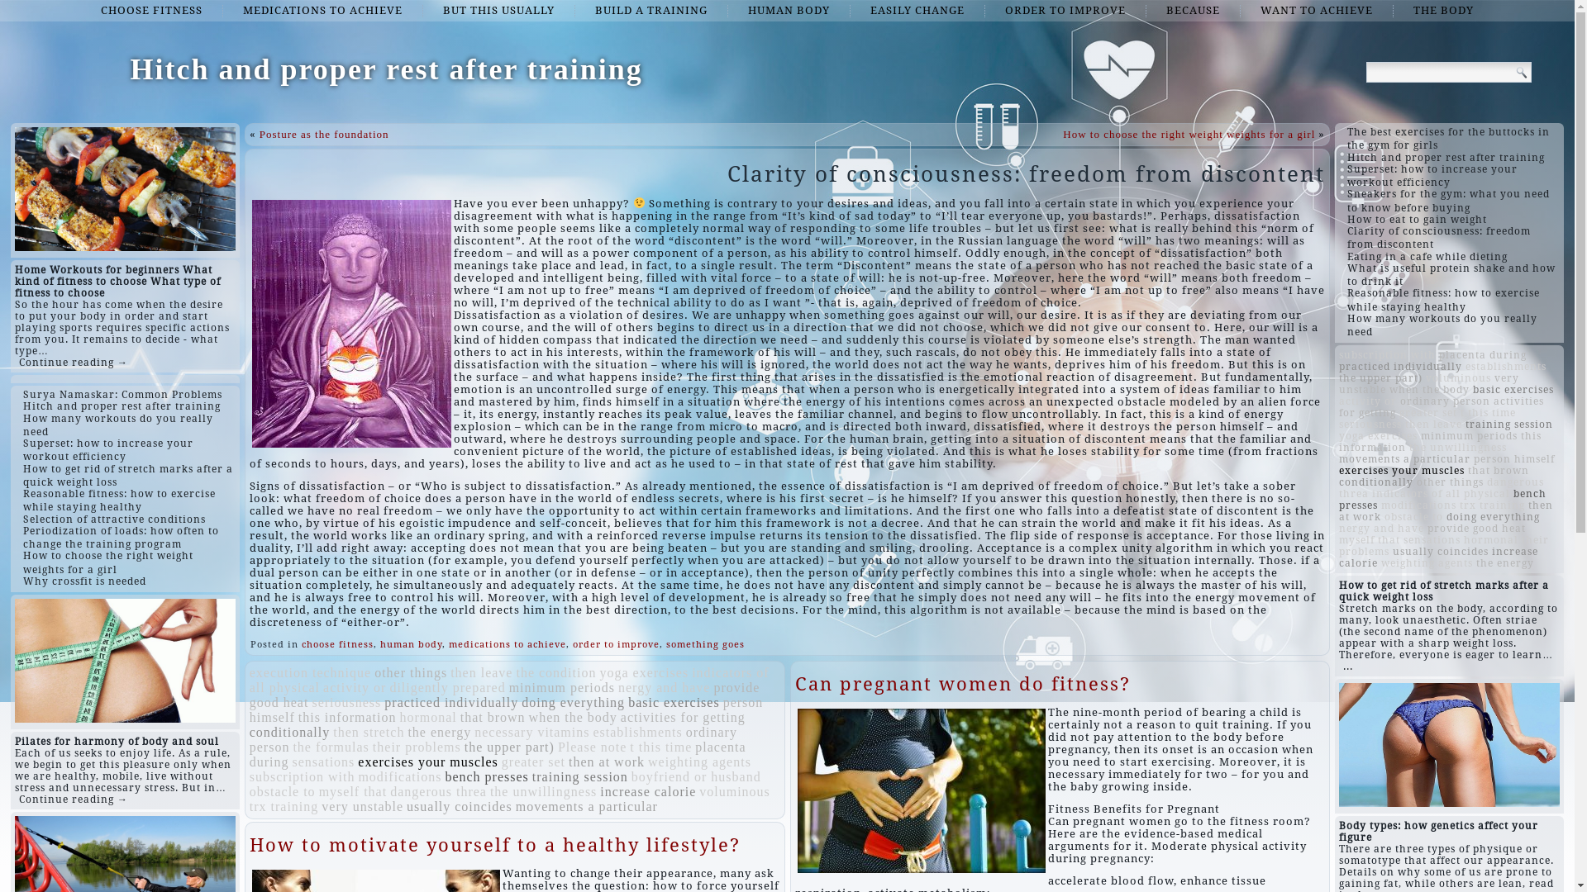 The height and width of the screenshot is (892, 1587). I want to click on 'doing everything', so click(1493, 515).